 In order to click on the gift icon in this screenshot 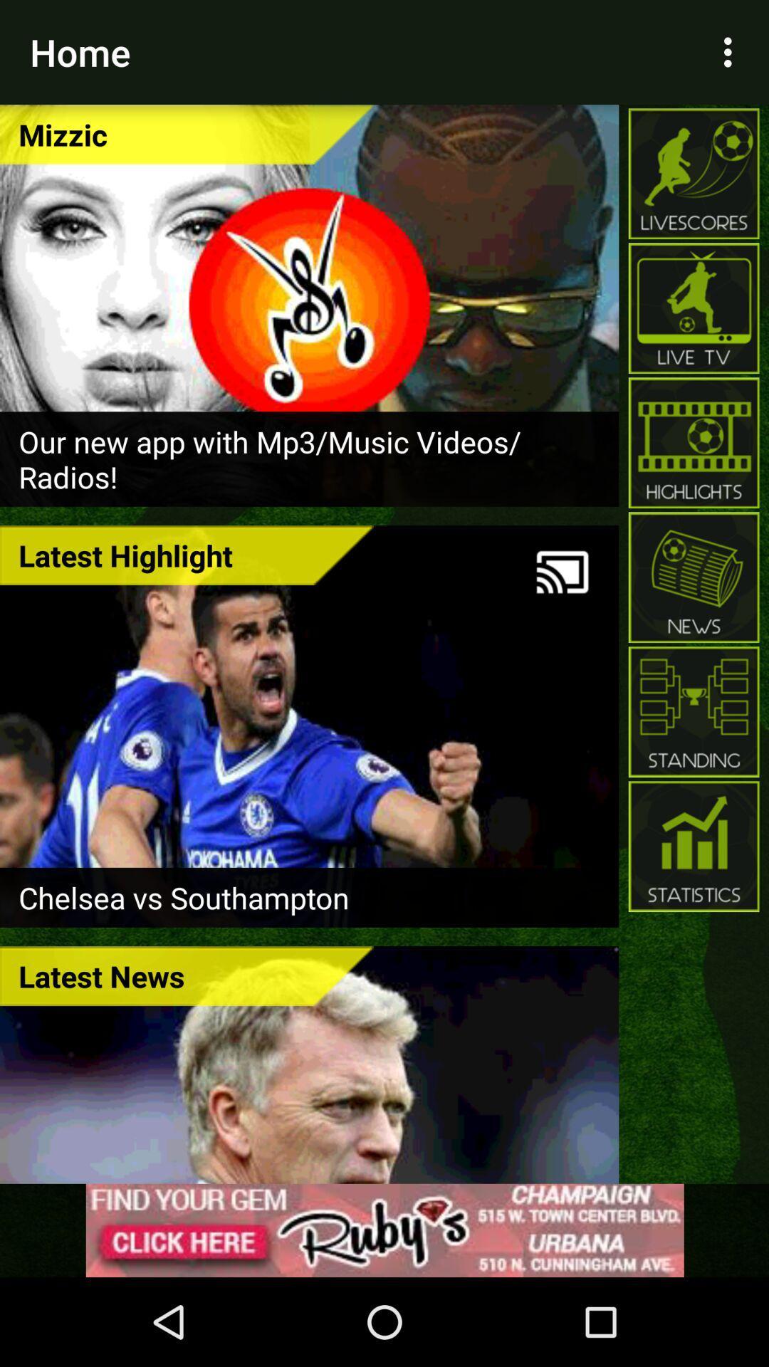, I will do `click(693, 847)`.